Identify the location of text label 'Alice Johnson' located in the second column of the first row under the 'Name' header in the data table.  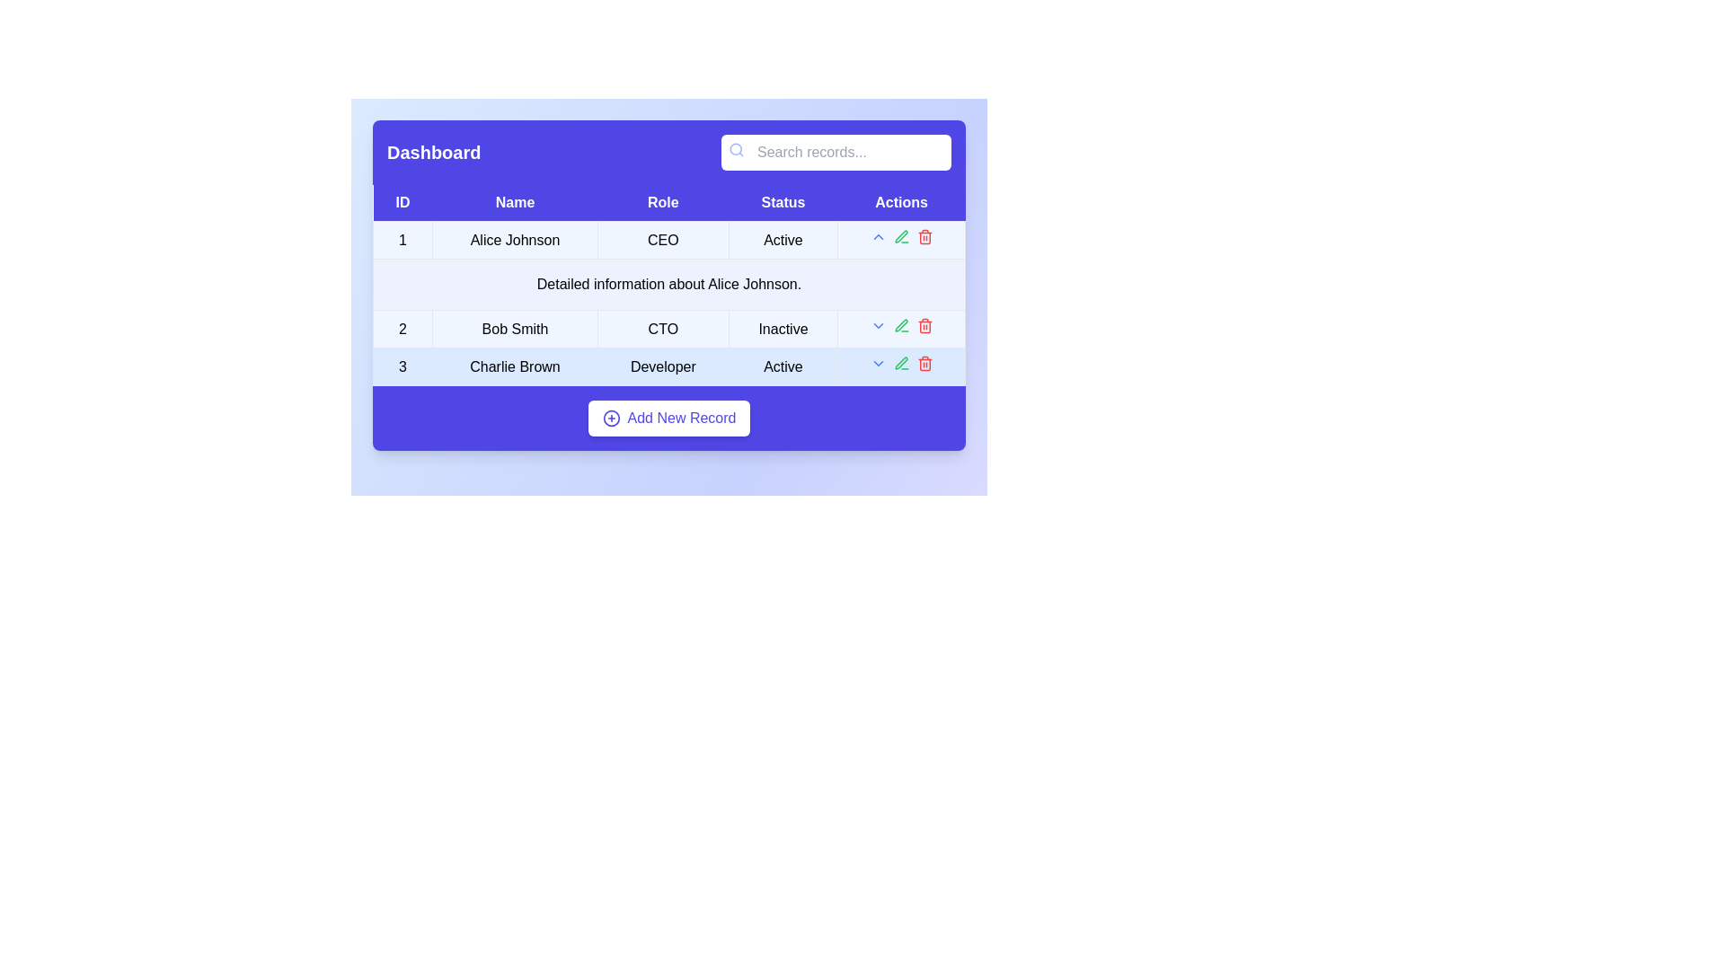
(514, 239).